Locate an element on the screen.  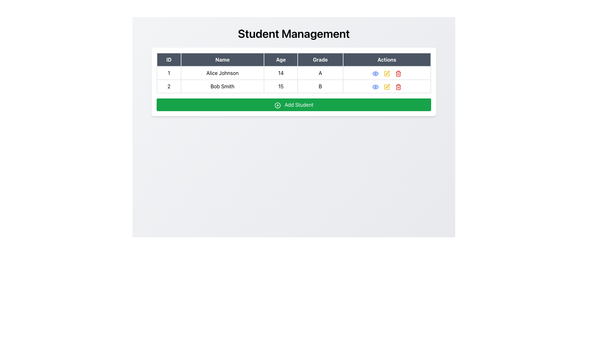
the edit icon button in the Actions column for the second row corresponding to the student Bob Smith to modify the student's details is located at coordinates (386, 73).